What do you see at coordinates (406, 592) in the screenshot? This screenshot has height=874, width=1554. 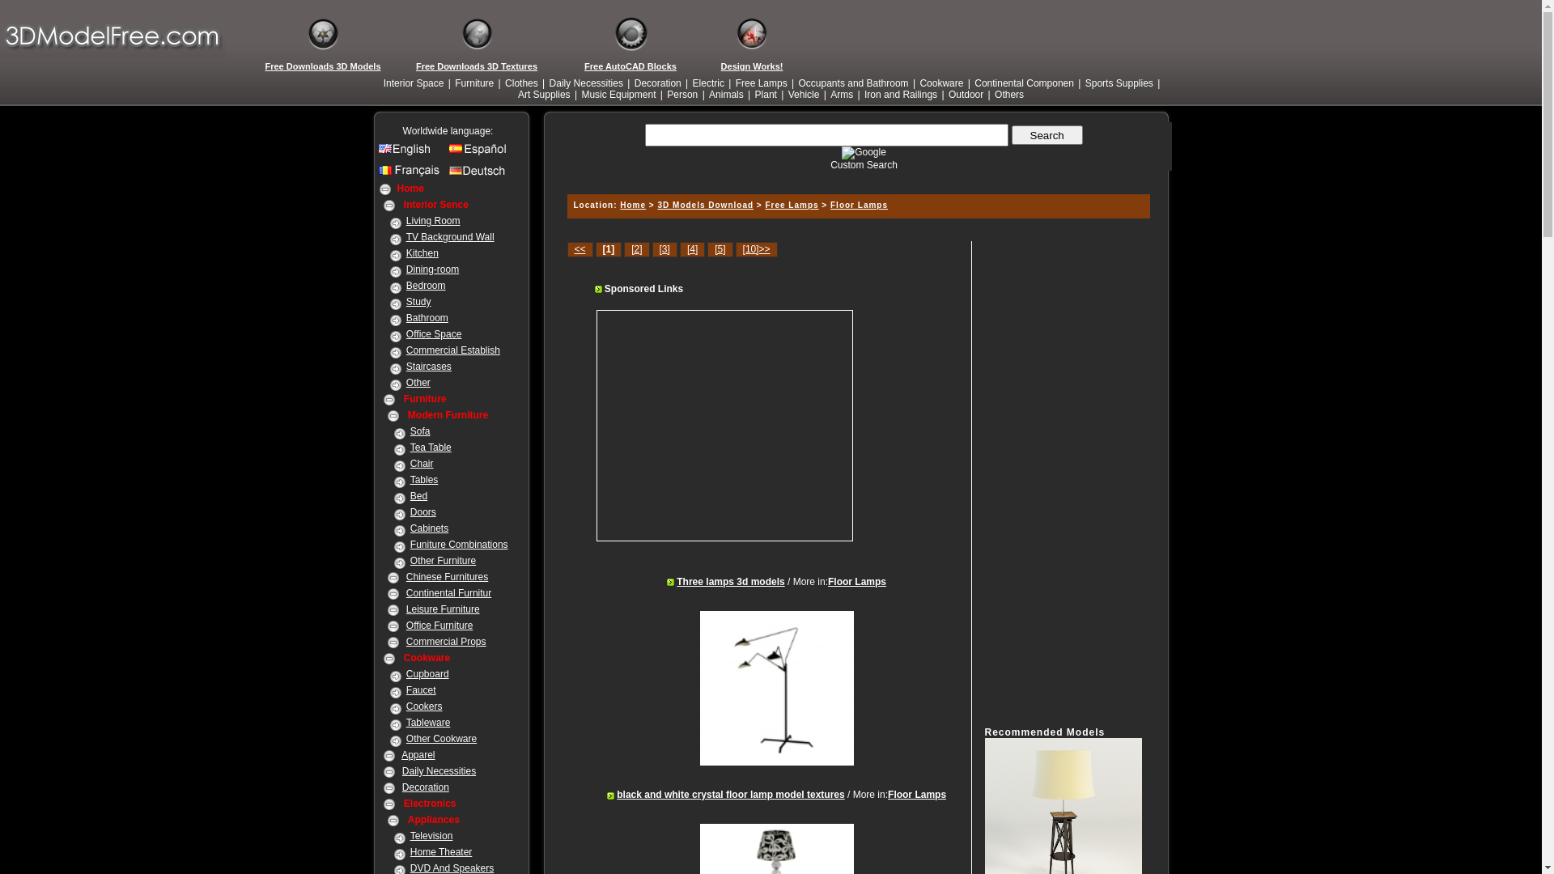 I see `'Continental Furnitur'` at bounding box center [406, 592].